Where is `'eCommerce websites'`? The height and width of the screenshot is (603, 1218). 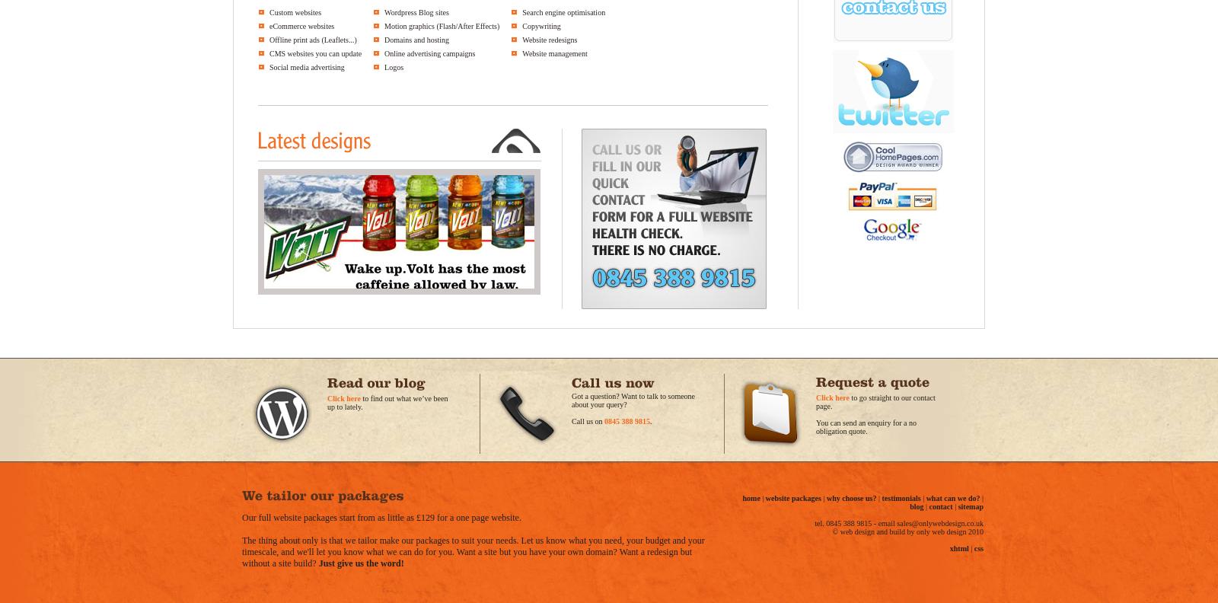
'eCommerce websites' is located at coordinates (301, 25).